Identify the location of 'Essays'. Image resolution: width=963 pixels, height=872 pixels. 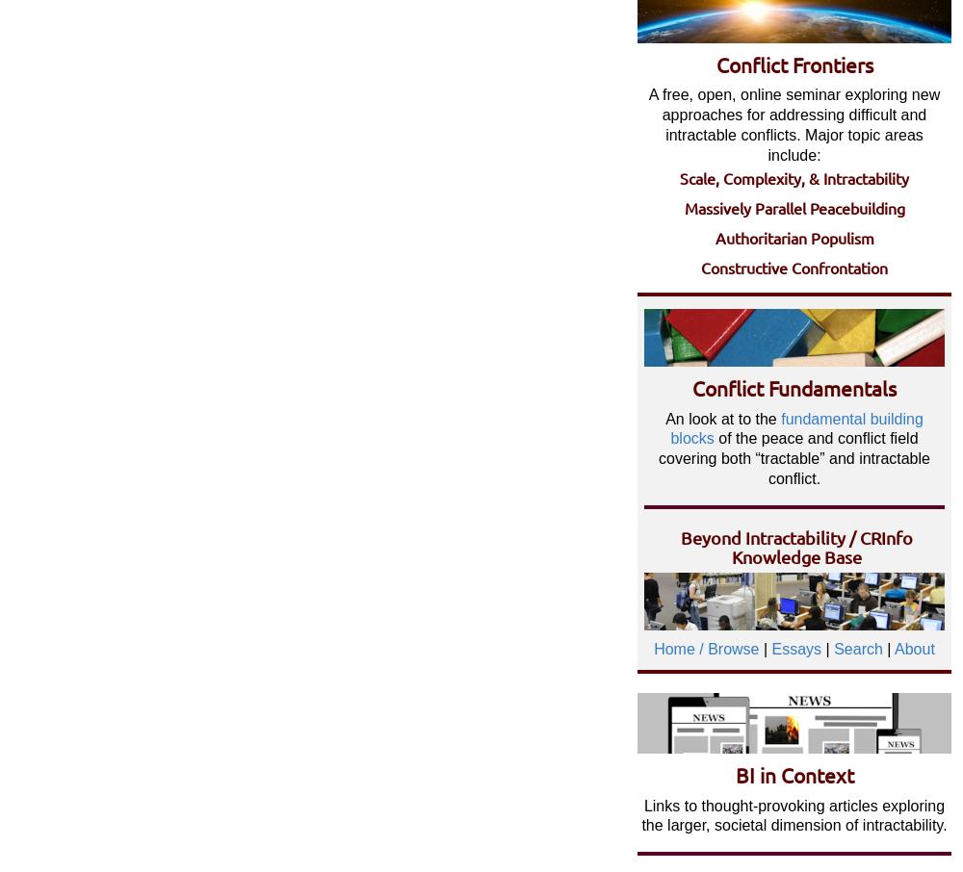
(771, 647).